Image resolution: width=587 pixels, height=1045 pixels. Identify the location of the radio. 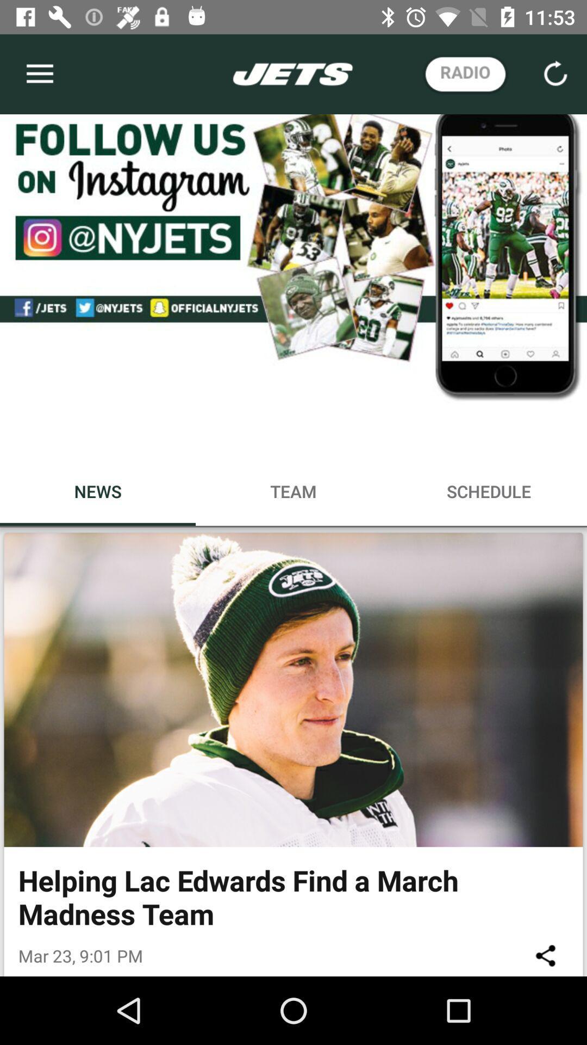
(465, 74).